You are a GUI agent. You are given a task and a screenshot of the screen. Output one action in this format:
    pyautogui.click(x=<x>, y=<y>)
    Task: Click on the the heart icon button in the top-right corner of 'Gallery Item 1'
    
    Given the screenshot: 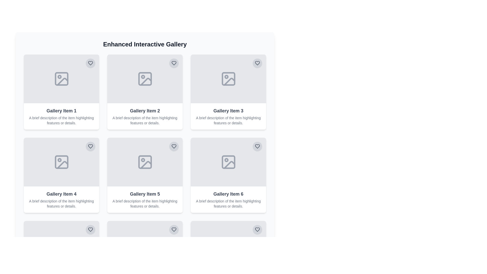 What is the action you would take?
    pyautogui.click(x=90, y=63)
    